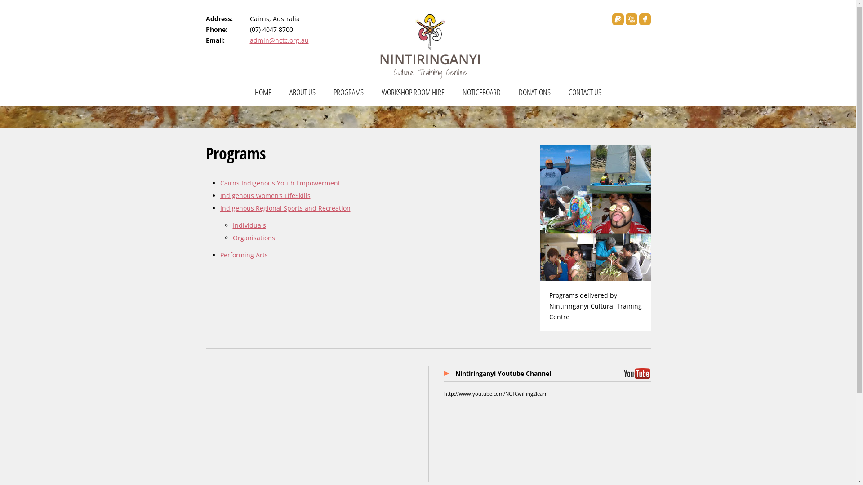 Image resolution: width=863 pixels, height=485 pixels. What do you see at coordinates (285, 208) in the screenshot?
I see `'Indigenous Regional Sports and Recreation'` at bounding box center [285, 208].